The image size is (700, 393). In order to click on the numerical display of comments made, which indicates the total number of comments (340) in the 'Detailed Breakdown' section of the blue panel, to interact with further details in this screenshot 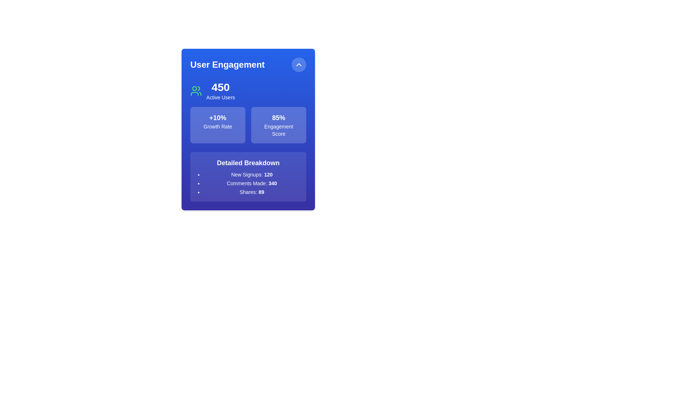, I will do `click(272, 183)`.